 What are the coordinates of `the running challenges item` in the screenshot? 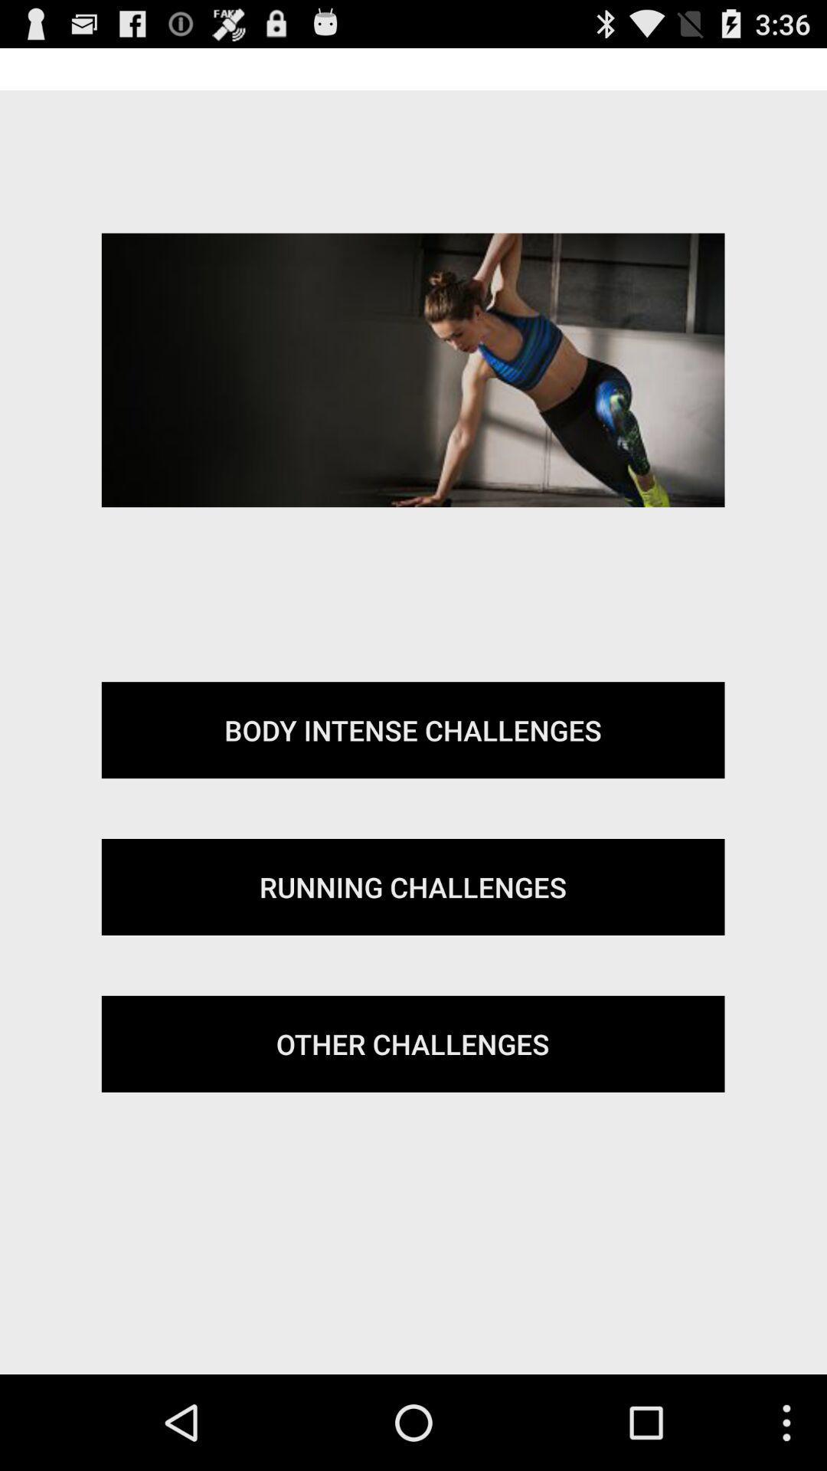 It's located at (412, 886).